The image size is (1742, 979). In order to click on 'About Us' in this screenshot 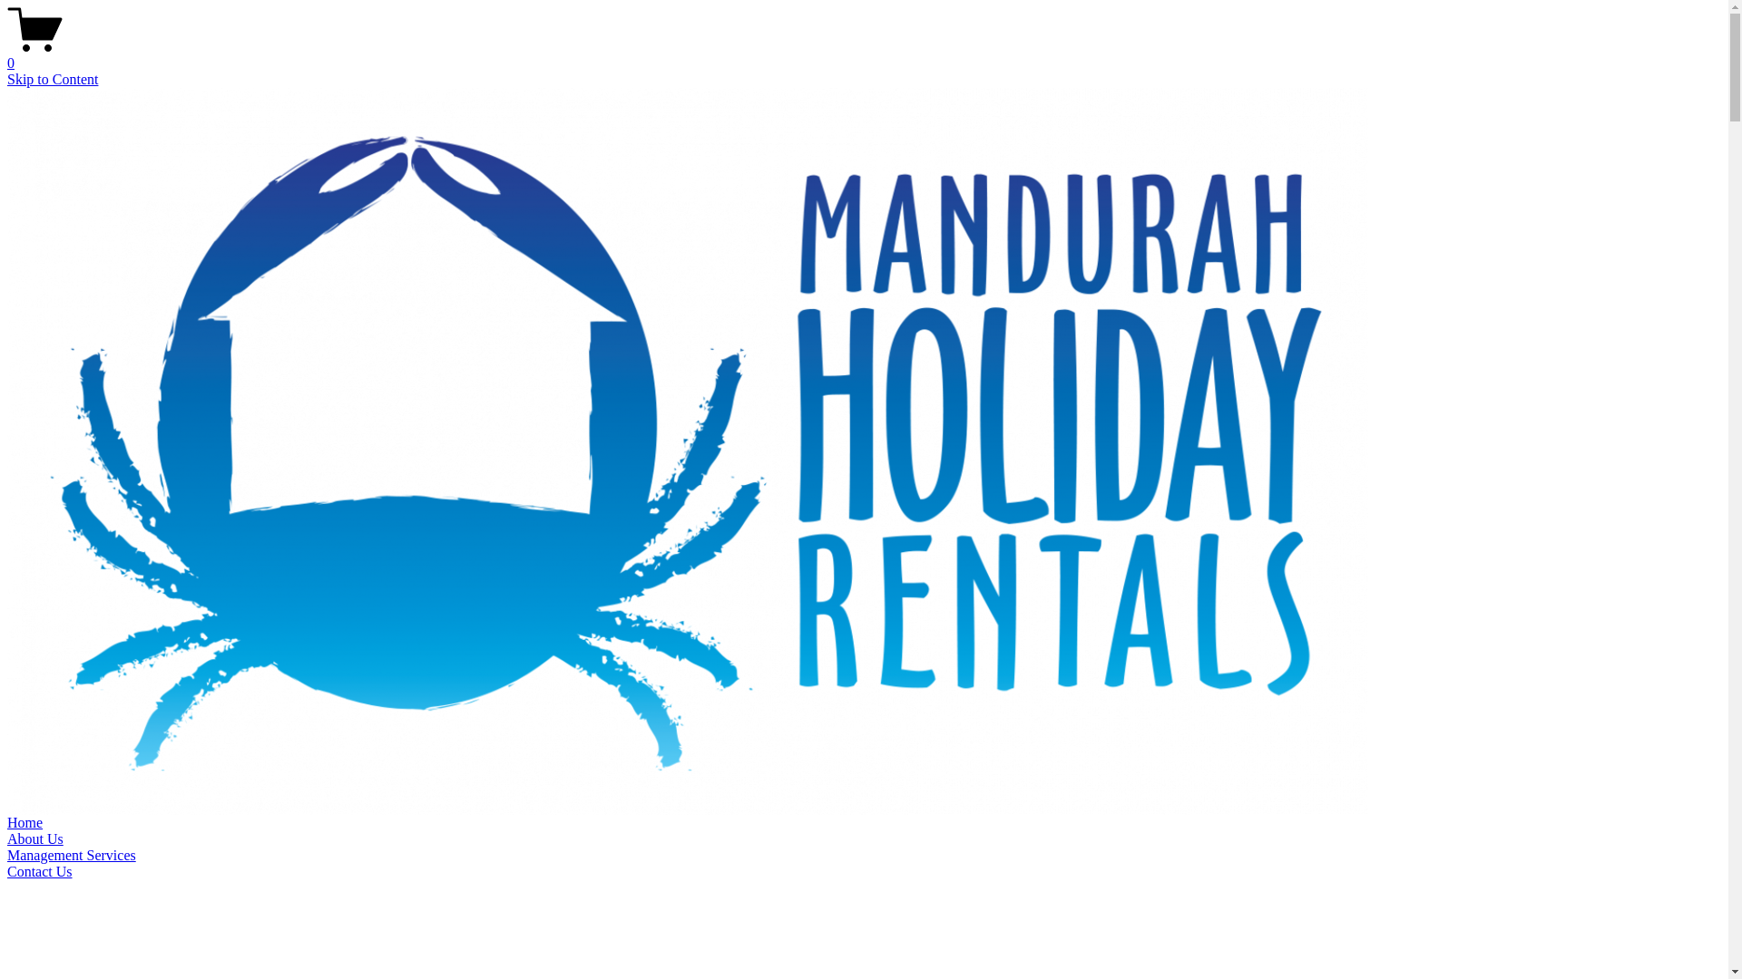, I will do `click(7, 838)`.